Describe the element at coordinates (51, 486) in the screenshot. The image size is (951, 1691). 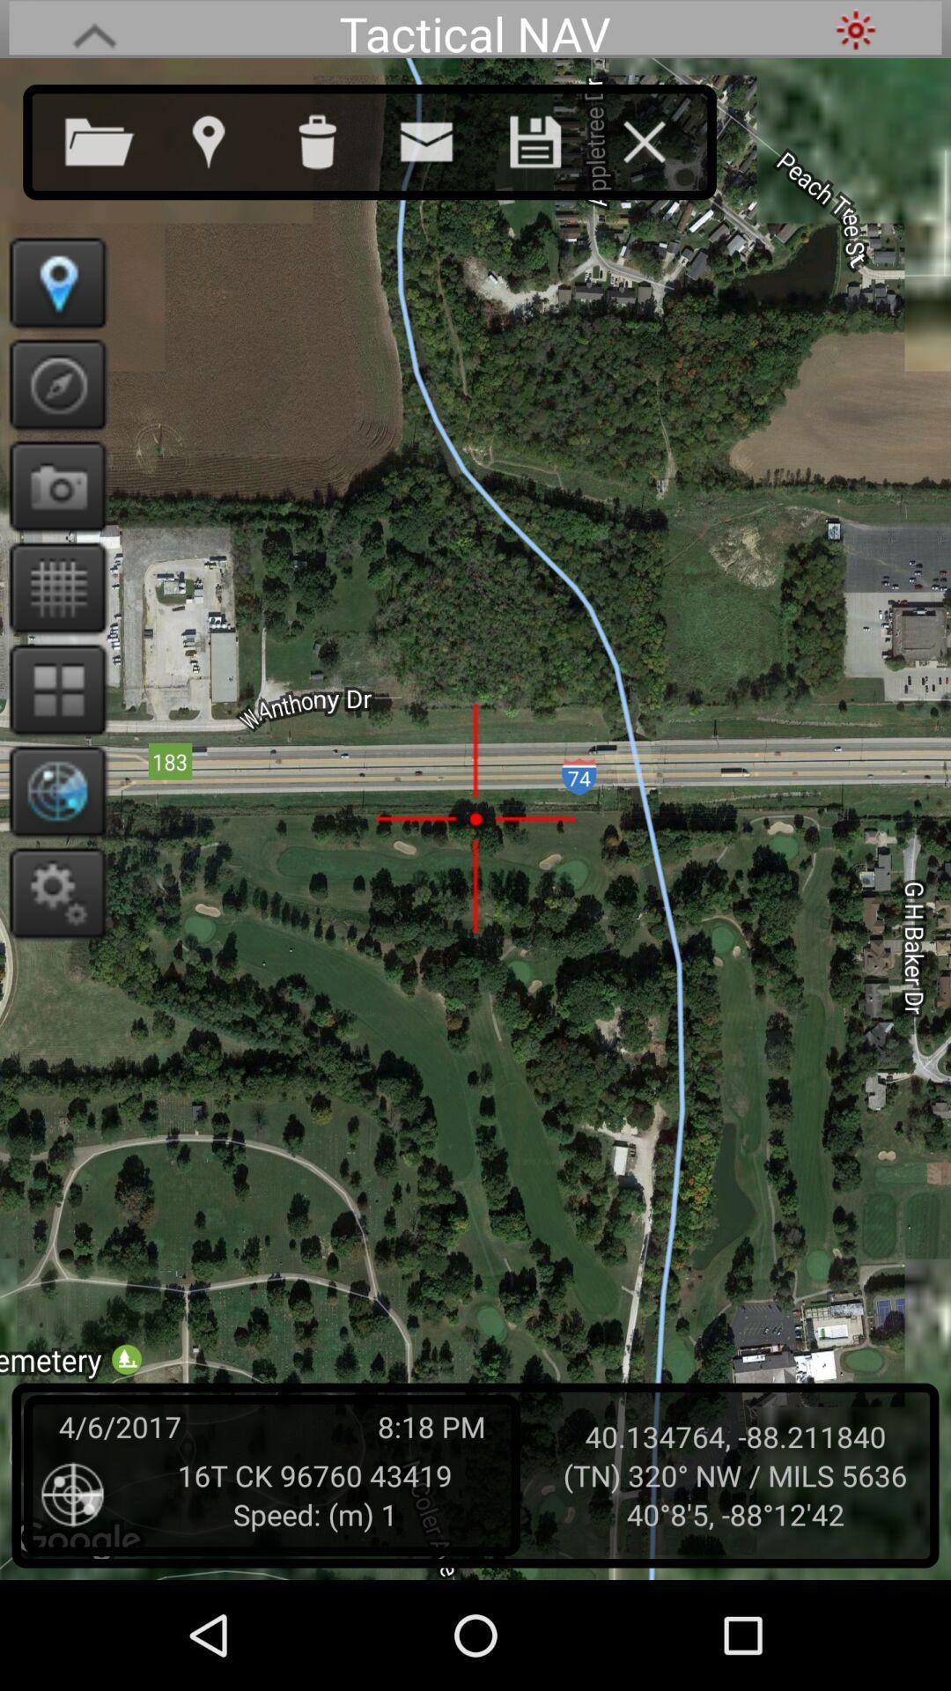
I see `click camera option` at that location.